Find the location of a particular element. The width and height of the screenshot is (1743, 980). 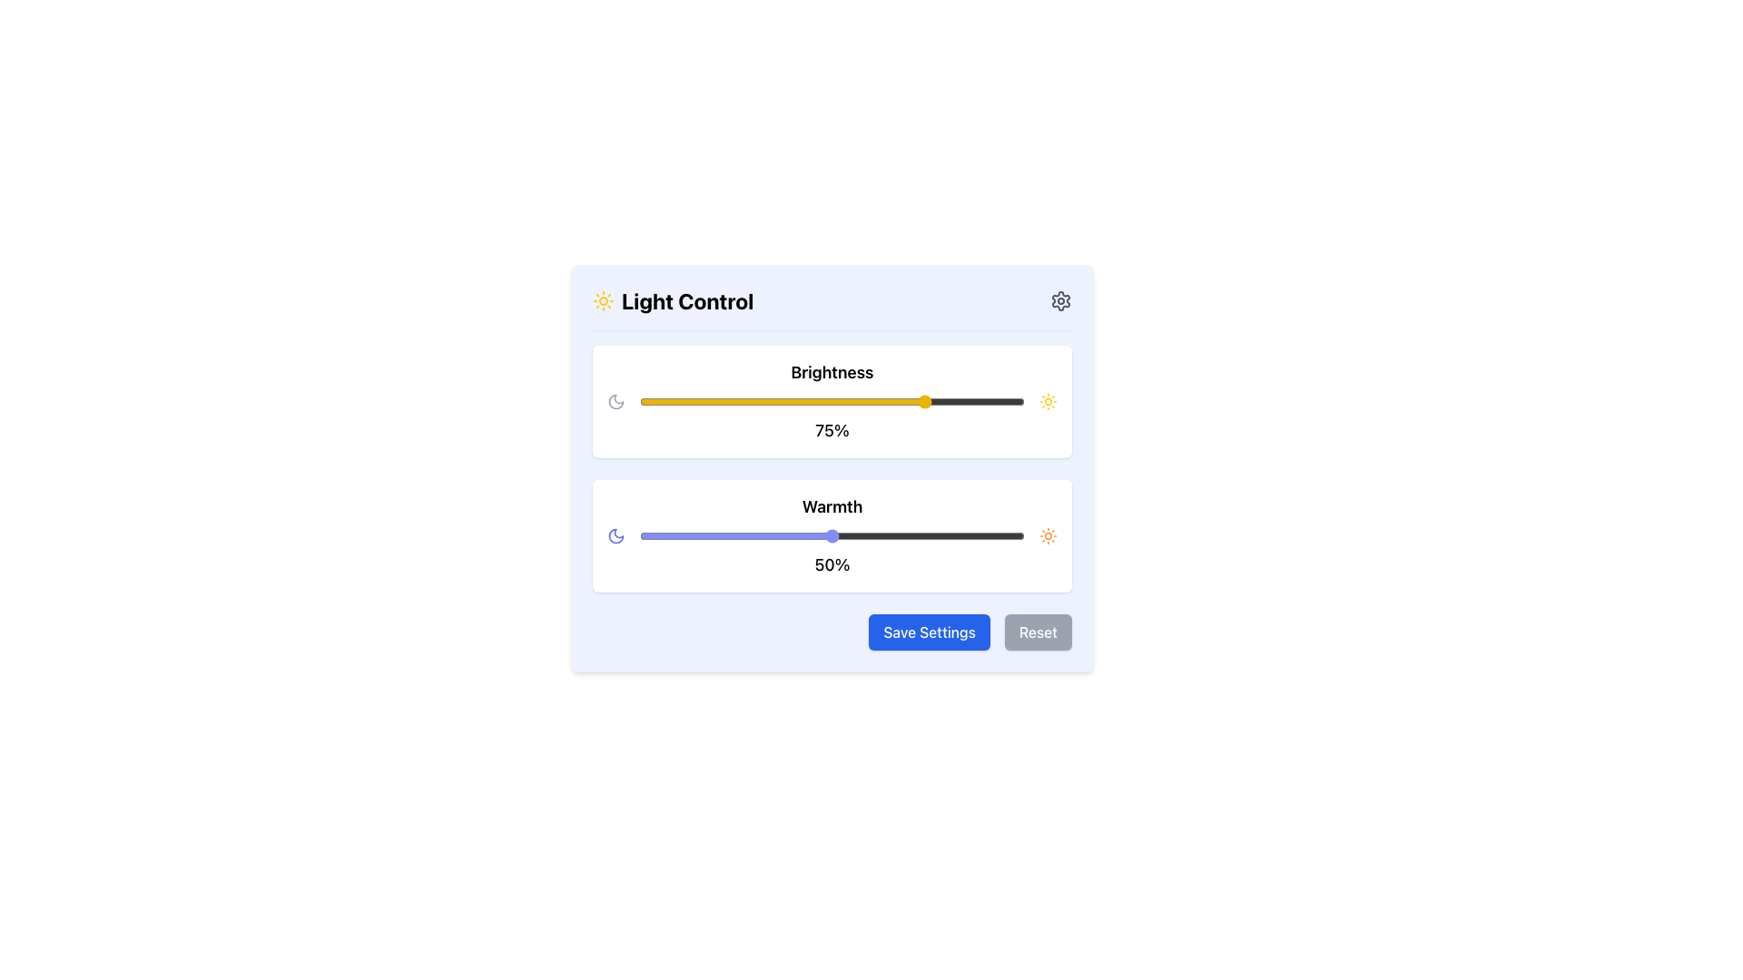

brightness is located at coordinates (928, 401).